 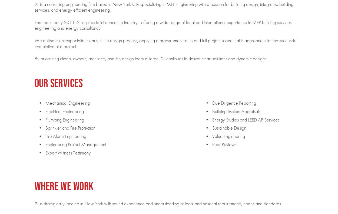 What do you see at coordinates (70, 127) in the screenshot?
I see `'Sprinkler and Fire Protection'` at bounding box center [70, 127].